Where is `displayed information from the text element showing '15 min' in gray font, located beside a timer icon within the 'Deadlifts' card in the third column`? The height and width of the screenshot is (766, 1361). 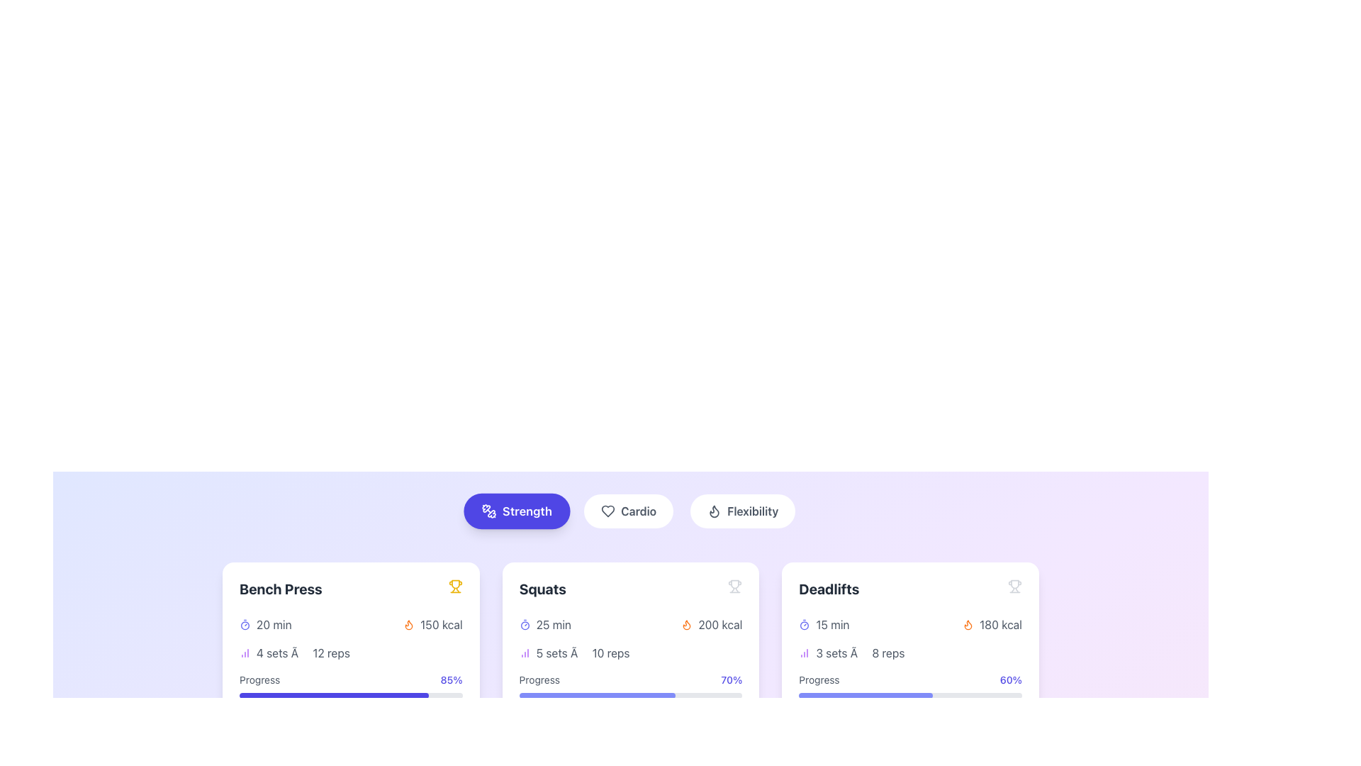
displayed information from the text element showing '15 min' in gray font, located beside a timer icon within the 'Deadlifts' card in the third column is located at coordinates (832, 623).